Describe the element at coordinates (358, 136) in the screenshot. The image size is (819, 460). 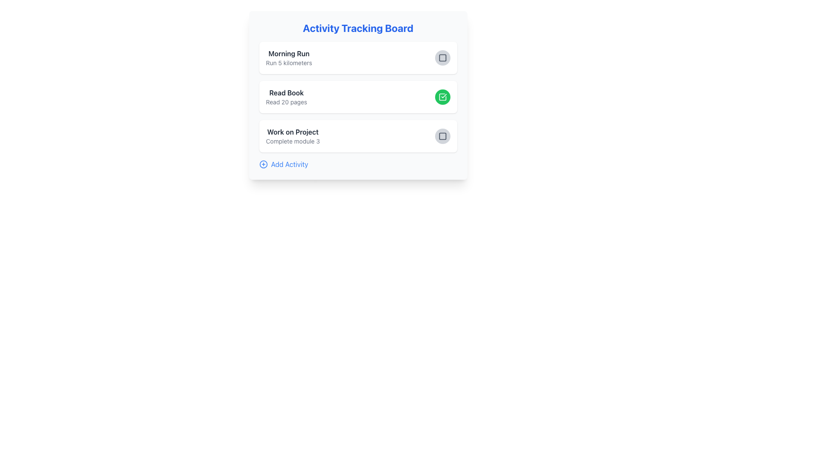
I see `the 'Work on Project' Task Card element in the Activity Tracking Board` at that location.